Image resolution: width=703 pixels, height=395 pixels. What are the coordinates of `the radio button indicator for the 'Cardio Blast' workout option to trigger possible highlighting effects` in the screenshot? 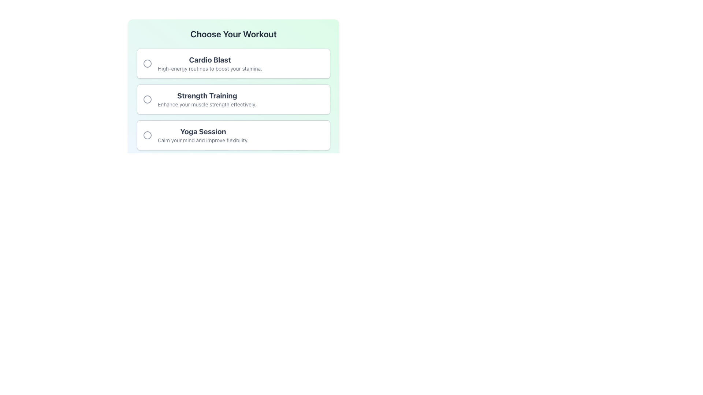 It's located at (147, 63).